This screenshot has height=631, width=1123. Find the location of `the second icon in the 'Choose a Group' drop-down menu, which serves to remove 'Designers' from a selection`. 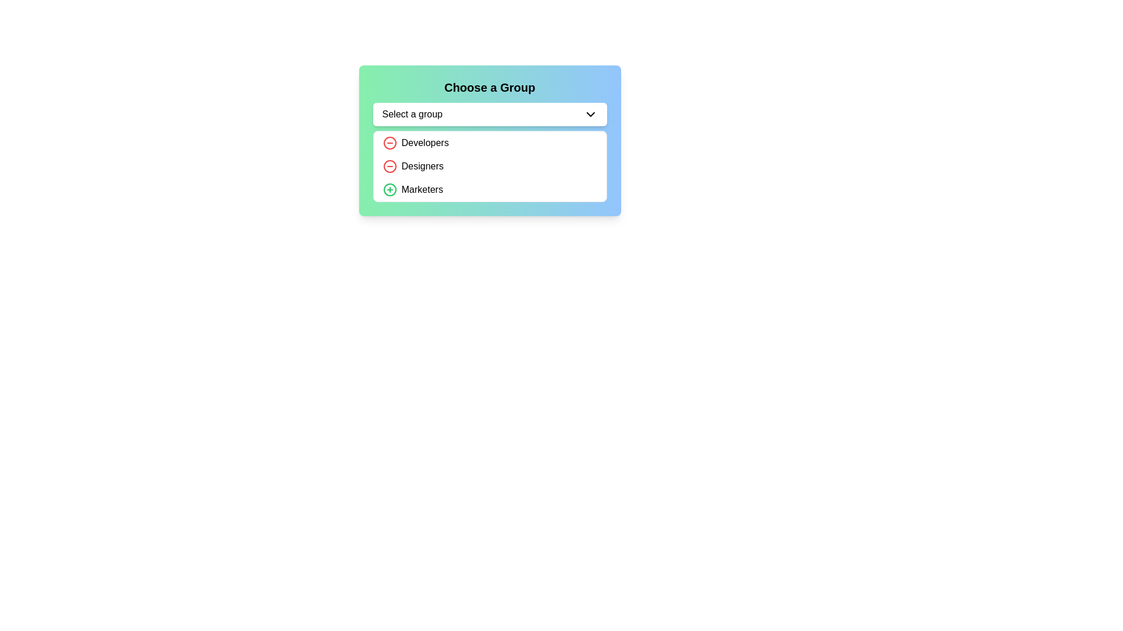

the second icon in the 'Choose a Group' drop-down menu, which serves to remove 'Designers' from a selection is located at coordinates (390, 167).